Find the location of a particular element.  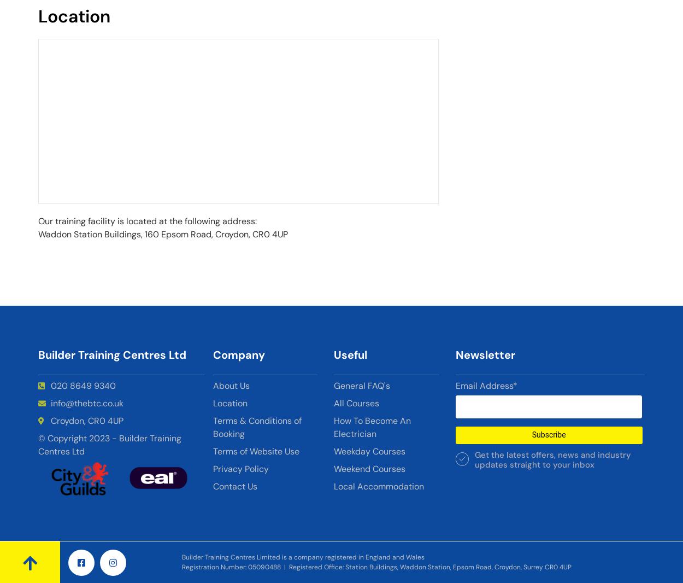

'rendering' is located at coordinates (303, 298).